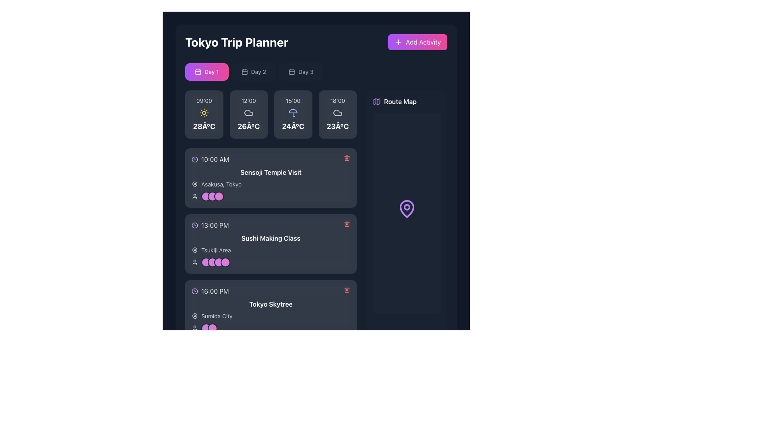 The width and height of the screenshot is (773, 434). I want to click on the text heading 'Tokyo Trip Planner', which is styled in bold and large white font against a dark background, located in the upper-left corner of the interface, so click(236, 42).